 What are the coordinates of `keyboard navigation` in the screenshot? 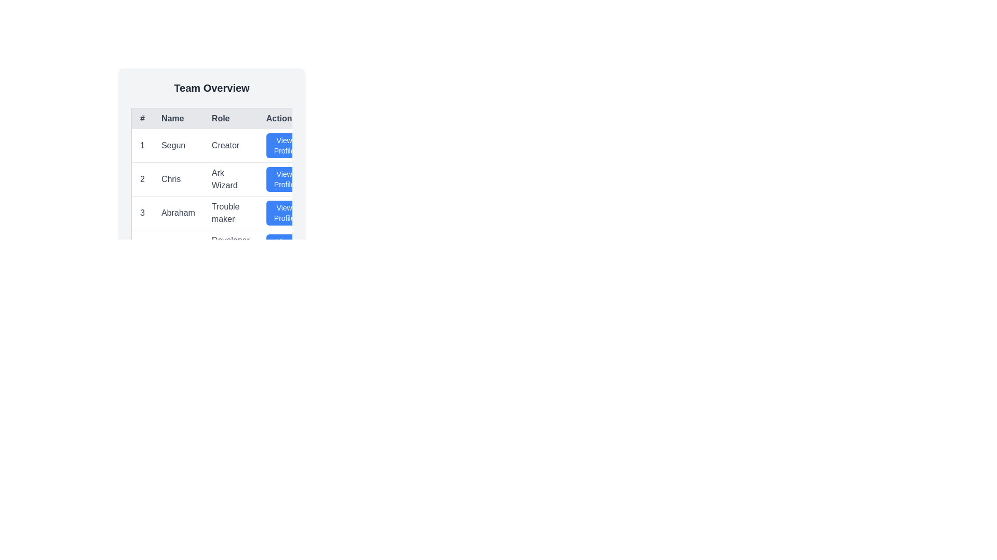 It's located at (225, 196).